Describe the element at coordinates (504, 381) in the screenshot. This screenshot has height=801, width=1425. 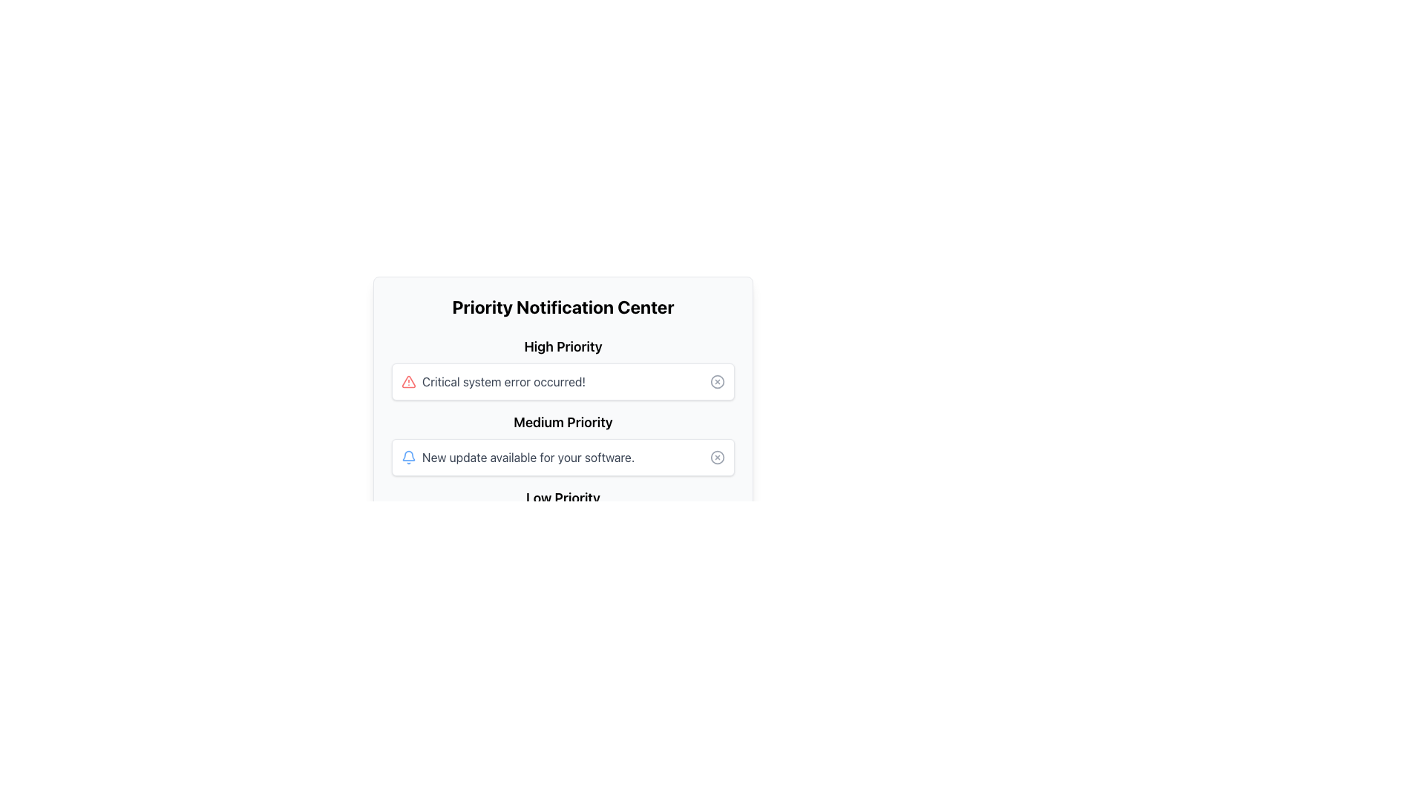
I see `the critical system error text label located in the 'High Priority' section of the 'Priority Notification Center', adjacent to the warning triangle icon` at that location.